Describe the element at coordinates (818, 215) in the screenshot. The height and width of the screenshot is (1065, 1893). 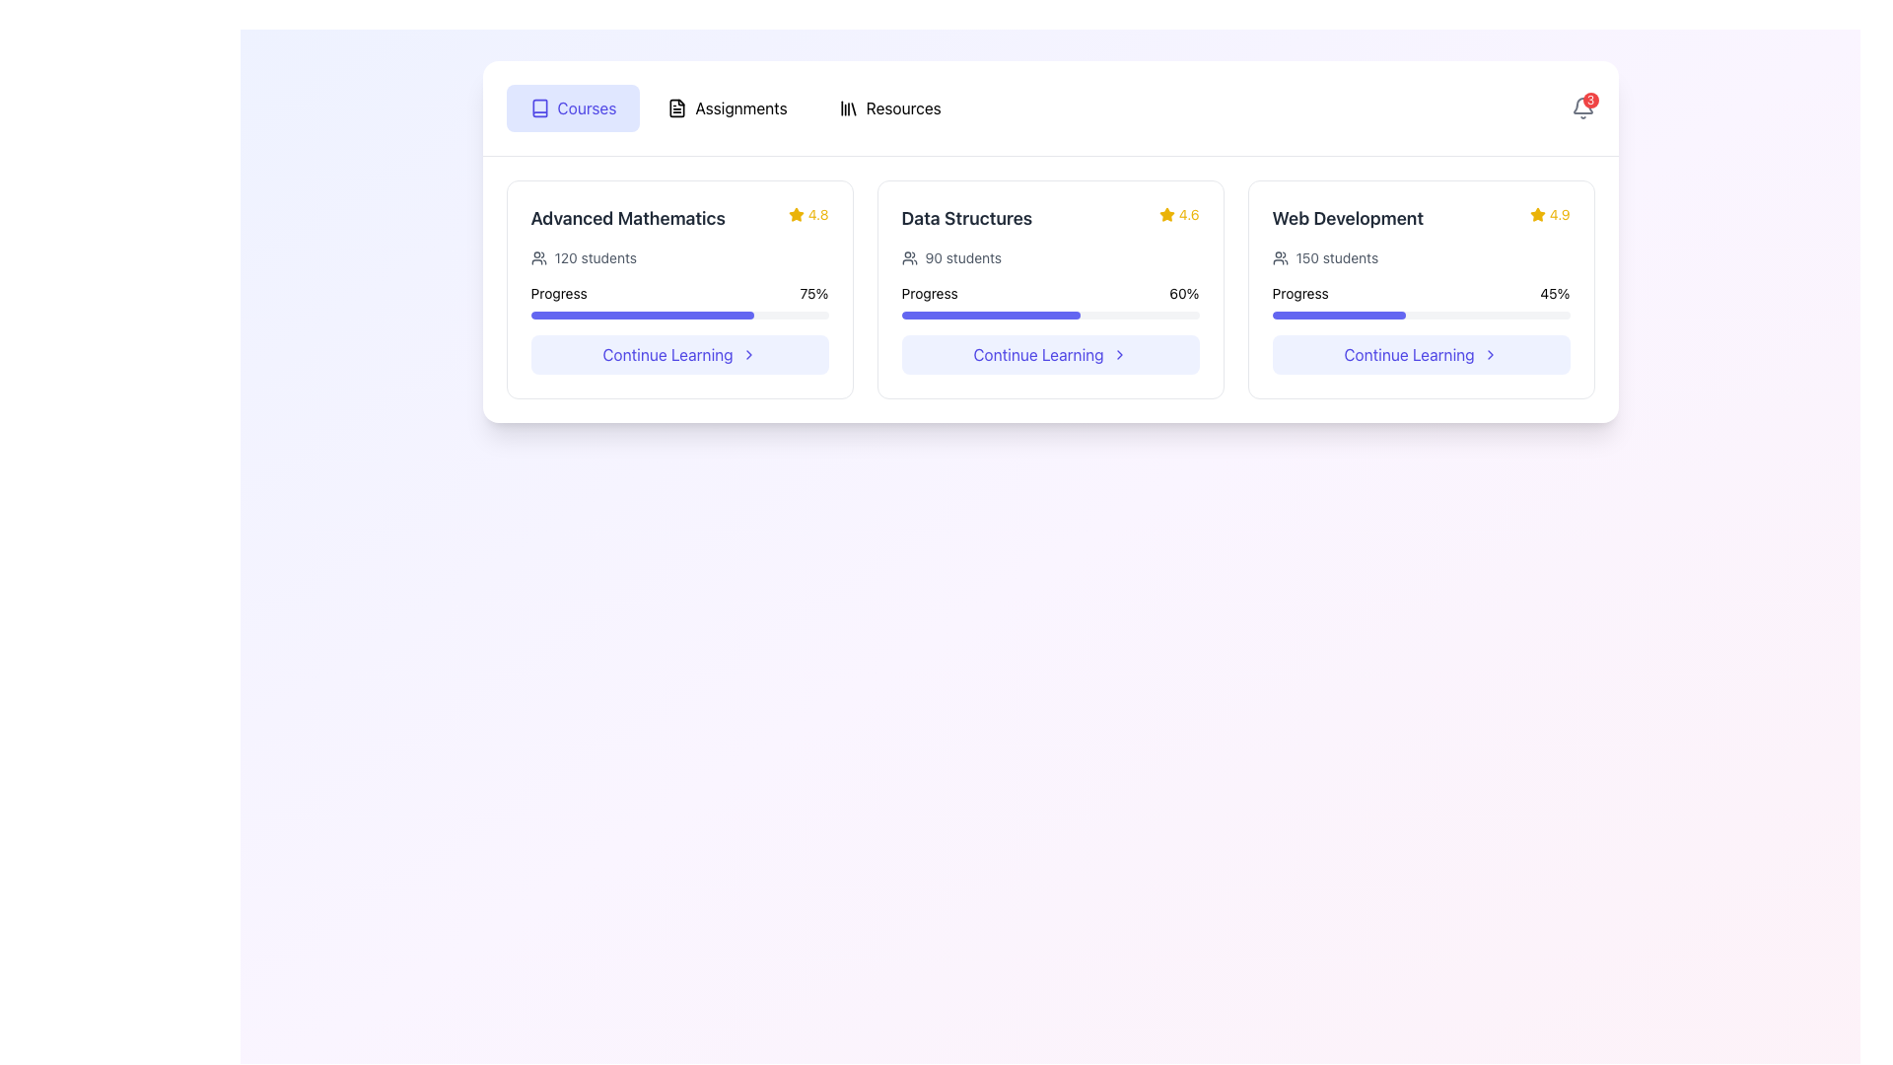
I see `the rating text label displayed for the 'Advanced Mathematics' course, located in the top-right corner of the card, next to the star icon` at that location.